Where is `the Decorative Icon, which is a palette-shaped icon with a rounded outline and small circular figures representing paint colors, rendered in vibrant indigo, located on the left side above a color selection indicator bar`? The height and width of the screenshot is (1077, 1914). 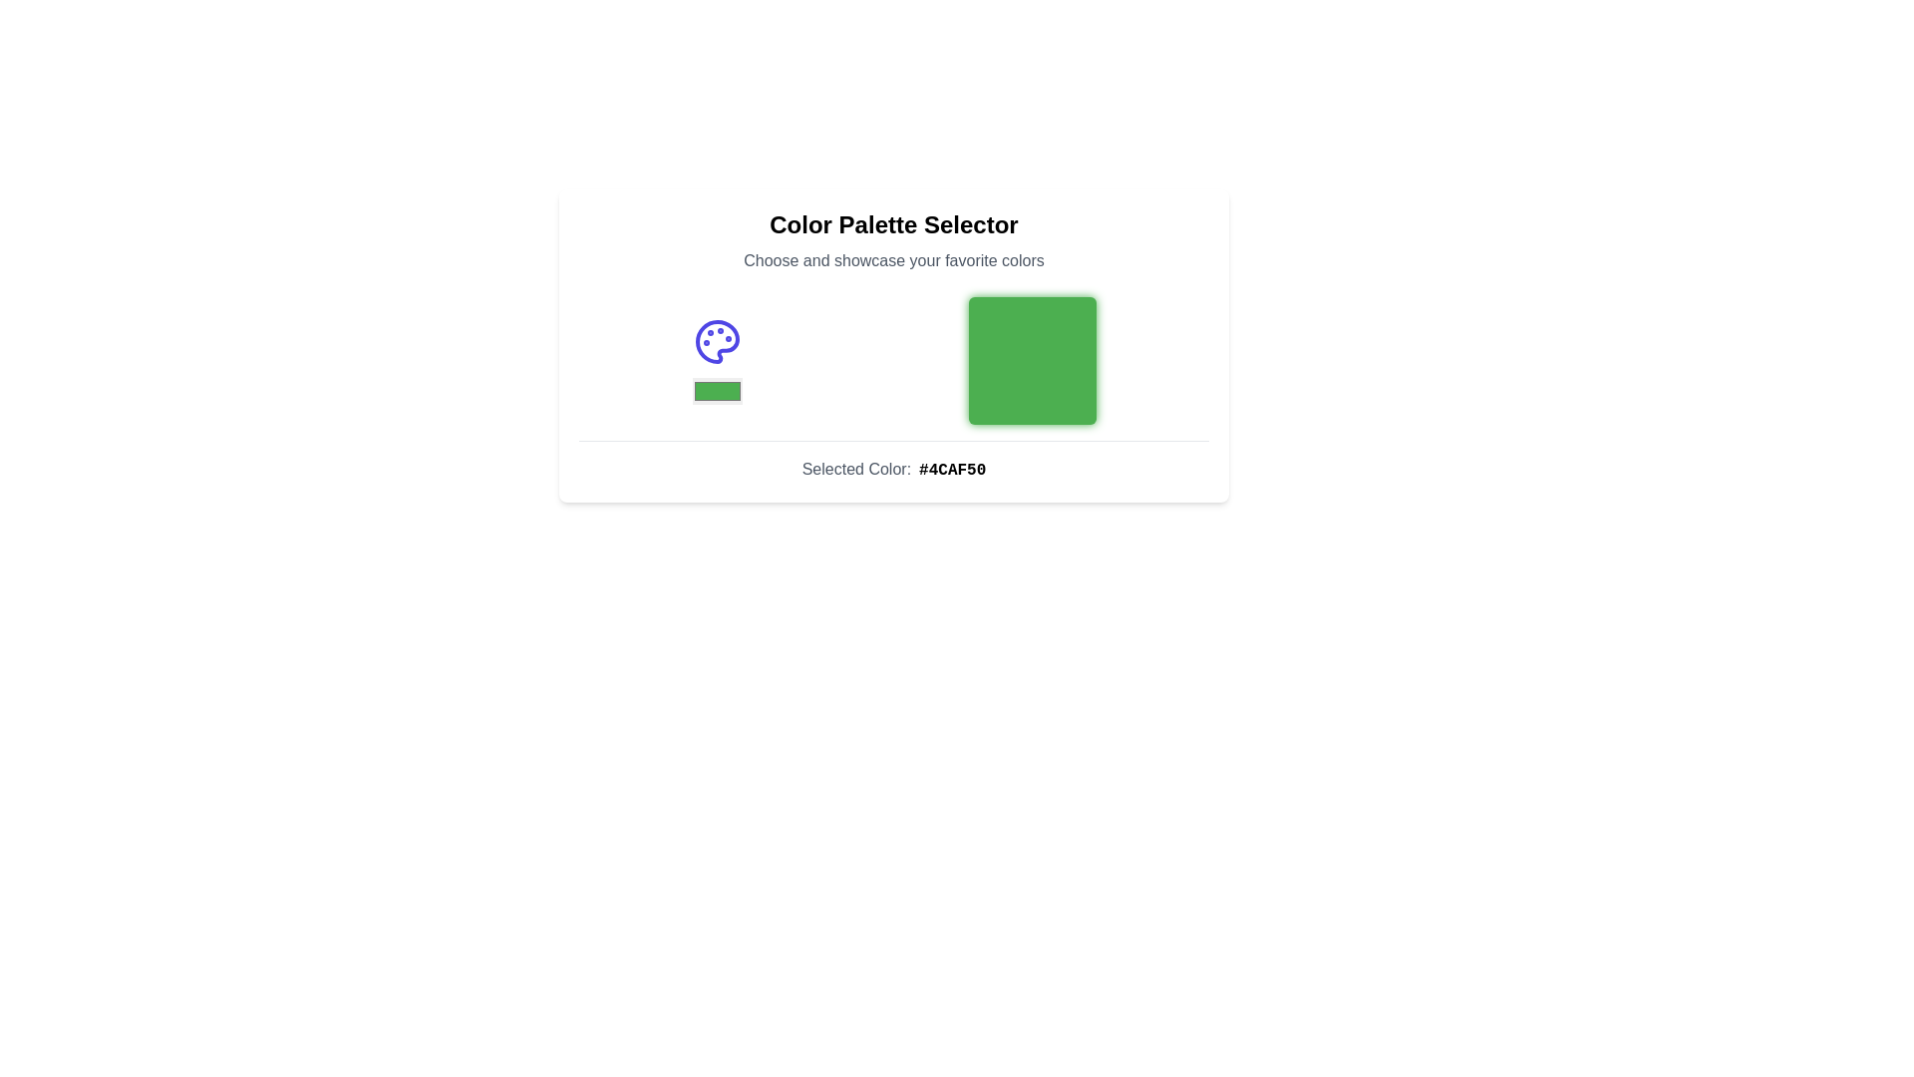 the Decorative Icon, which is a palette-shaped icon with a rounded outline and small circular figures representing paint colors, rendered in vibrant indigo, located on the left side above a color selection indicator bar is located at coordinates (717, 340).